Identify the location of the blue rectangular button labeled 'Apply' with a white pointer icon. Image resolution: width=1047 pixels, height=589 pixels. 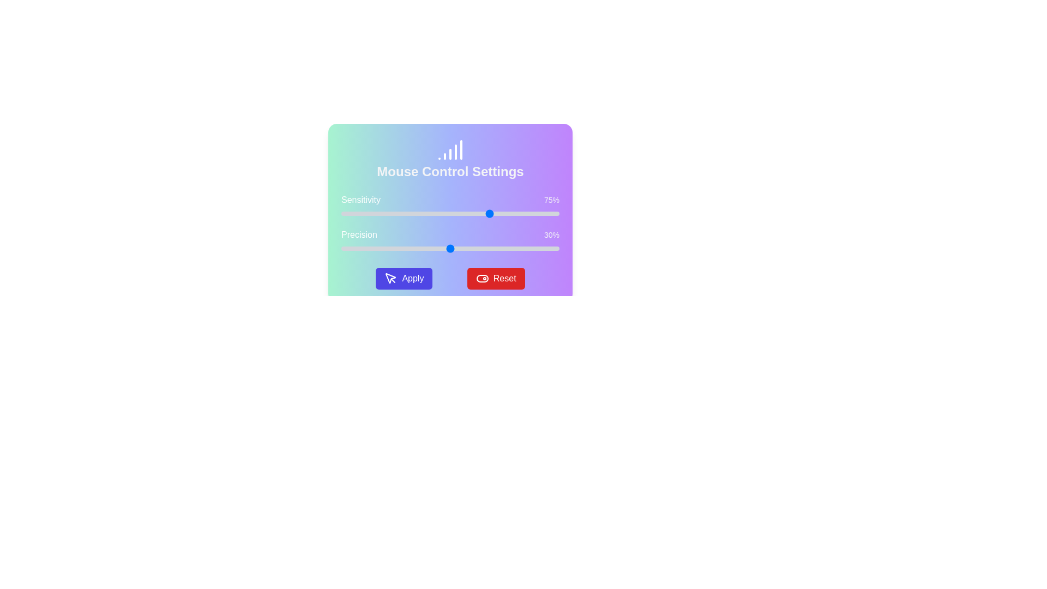
(404, 278).